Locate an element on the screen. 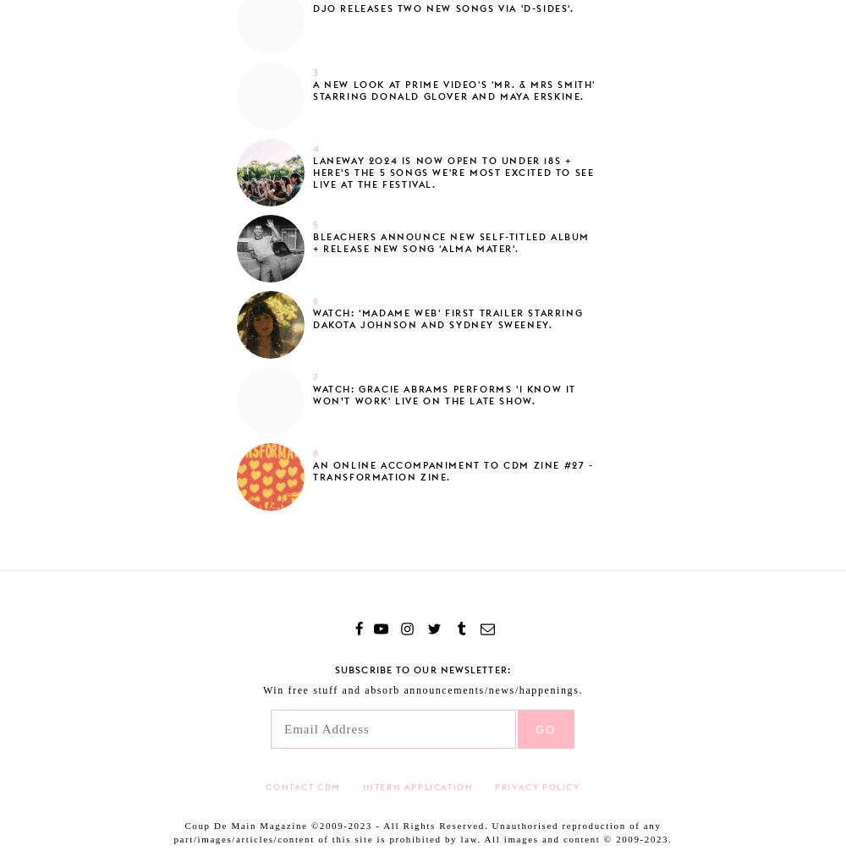 Image resolution: width=846 pixels, height=862 pixels. 'Watch: Gracie Abrams performs 'I Know It Won’t Work' live on The Late Show.' is located at coordinates (444, 394).